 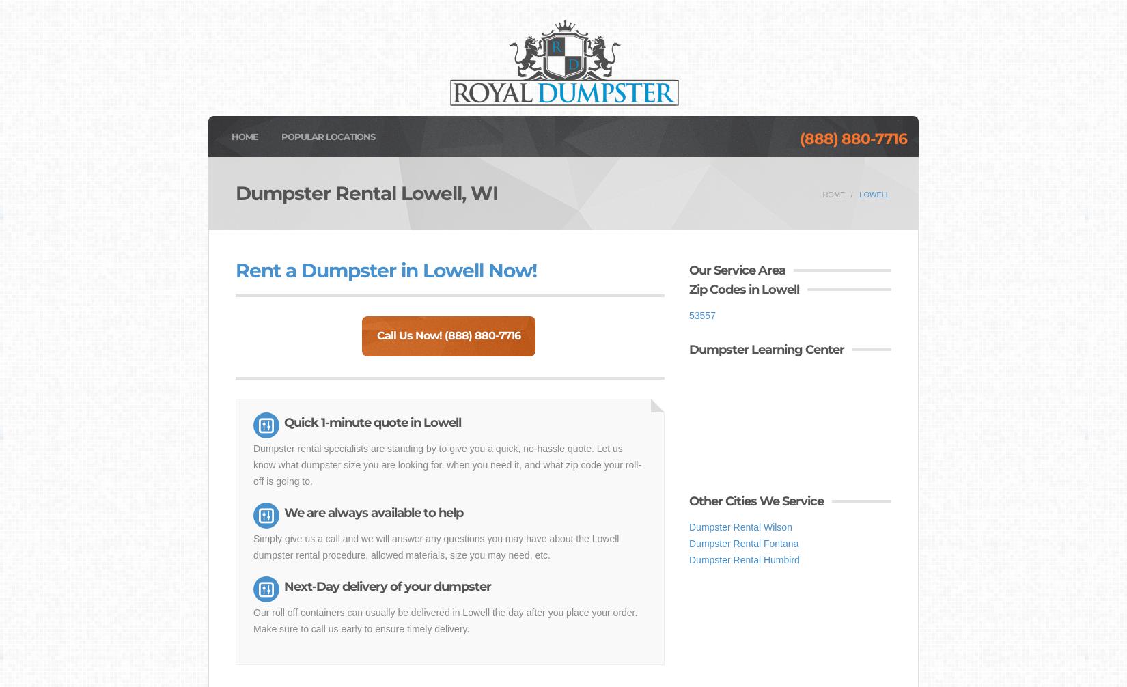 I want to click on 'Rent a Dumpster in Lowell Now!', so click(x=385, y=269).